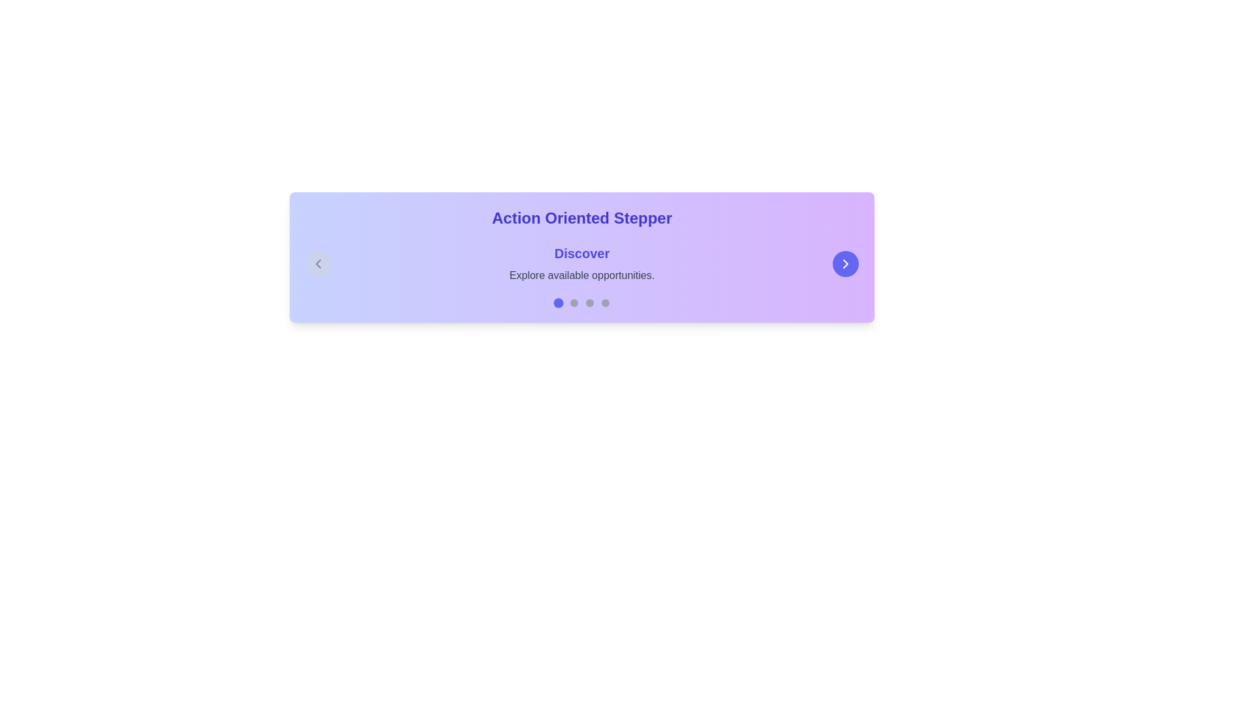  What do you see at coordinates (574, 303) in the screenshot?
I see `the second circular step indicator in the stepper UI located at the bottom center` at bounding box center [574, 303].